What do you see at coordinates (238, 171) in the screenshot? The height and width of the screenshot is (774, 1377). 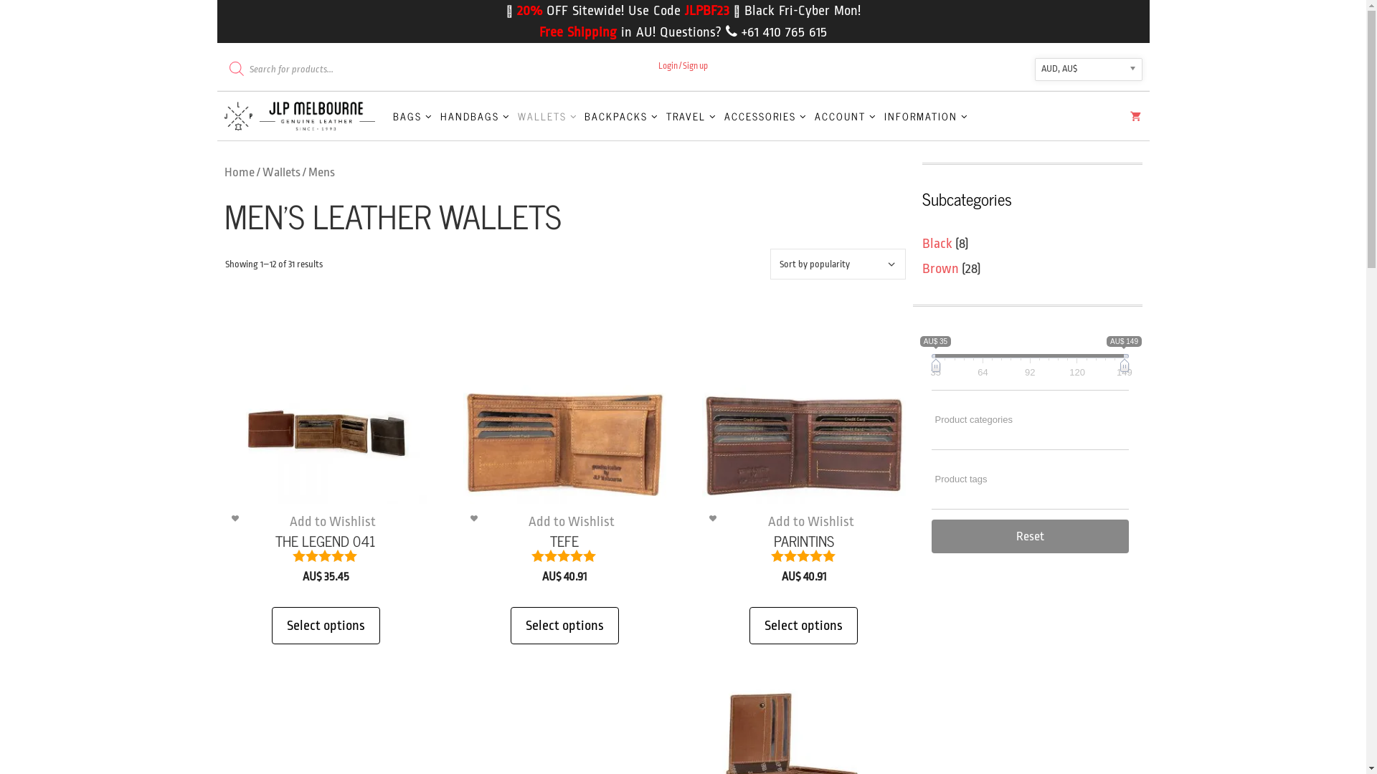 I see `'Home'` at bounding box center [238, 171].